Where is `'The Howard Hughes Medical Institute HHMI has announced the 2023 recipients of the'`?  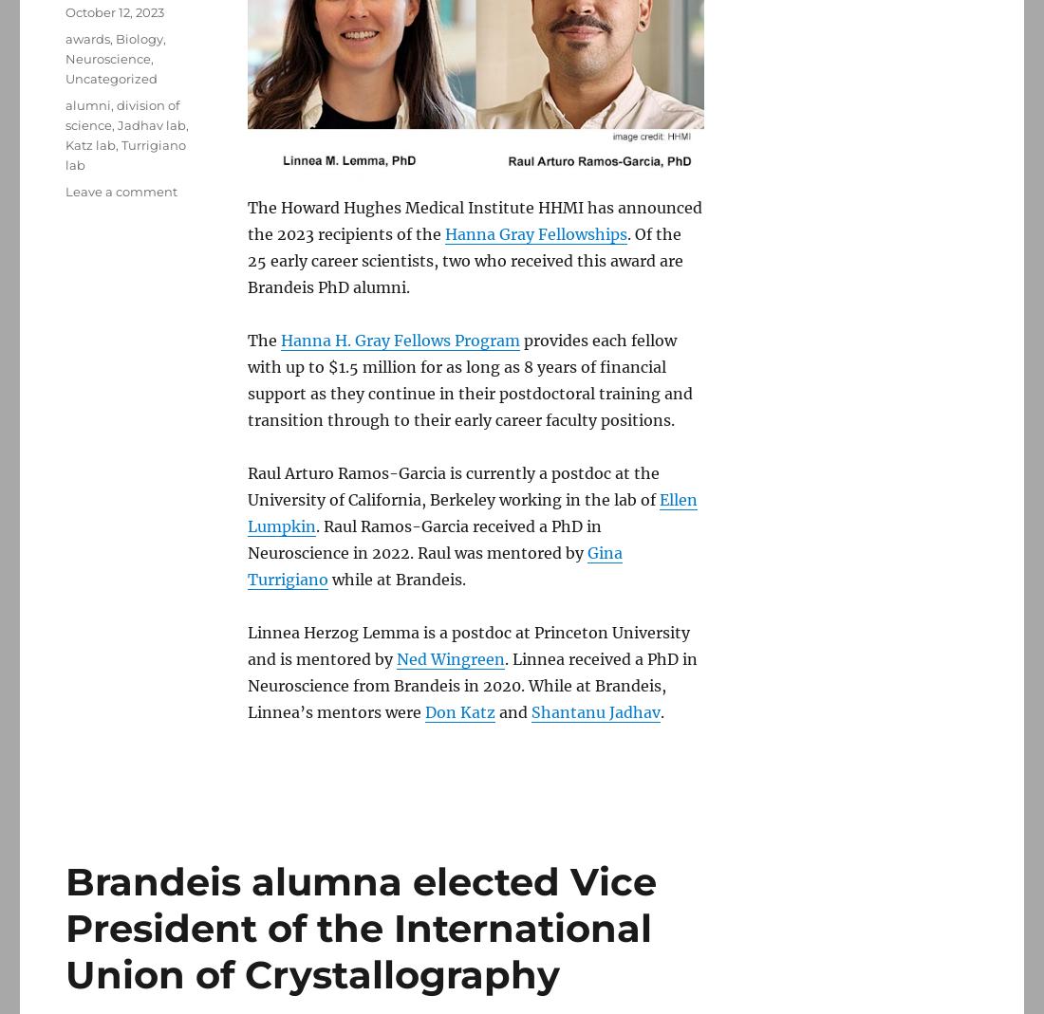 'The Howard Hughes Medical Institute HHMI has announced the 2023 recipients of the' is located at coordinates (475, 220).